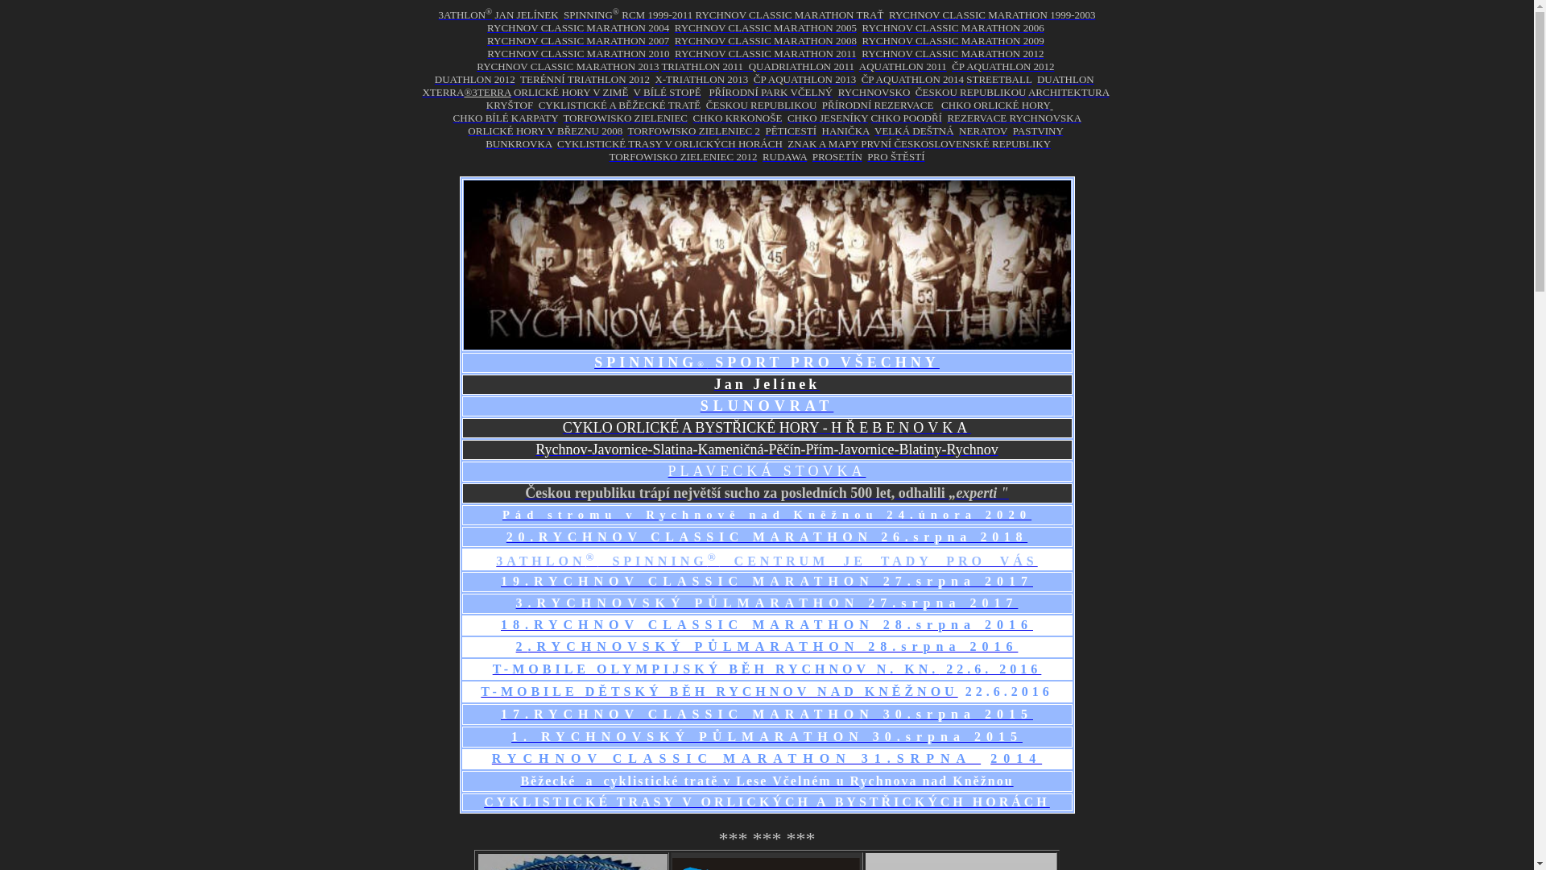  What do you see at coordinates (587, 14) in the screenshot?
I see `'SPINNING'` at bounding box center [587, 14].